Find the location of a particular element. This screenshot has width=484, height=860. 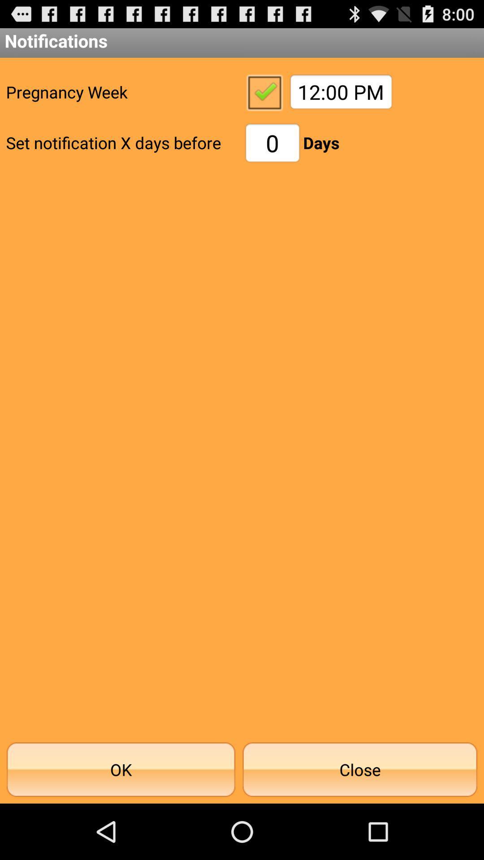

ok icon is located at coordinates (121, 769).